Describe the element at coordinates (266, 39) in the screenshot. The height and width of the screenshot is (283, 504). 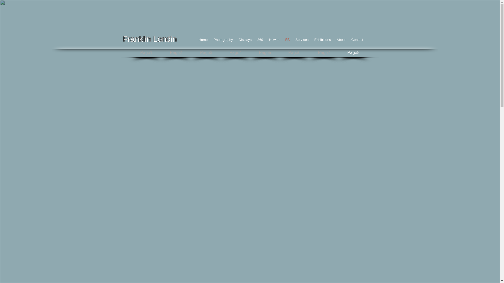
I see `'How to'` at that location.